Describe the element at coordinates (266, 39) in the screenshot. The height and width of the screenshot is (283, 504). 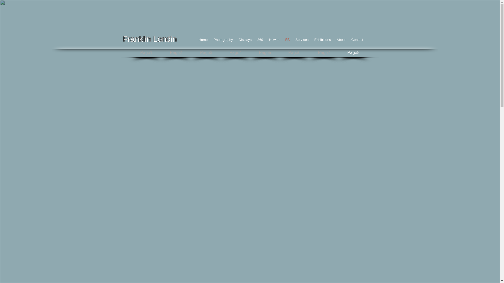
I see `'How to'` at that location.